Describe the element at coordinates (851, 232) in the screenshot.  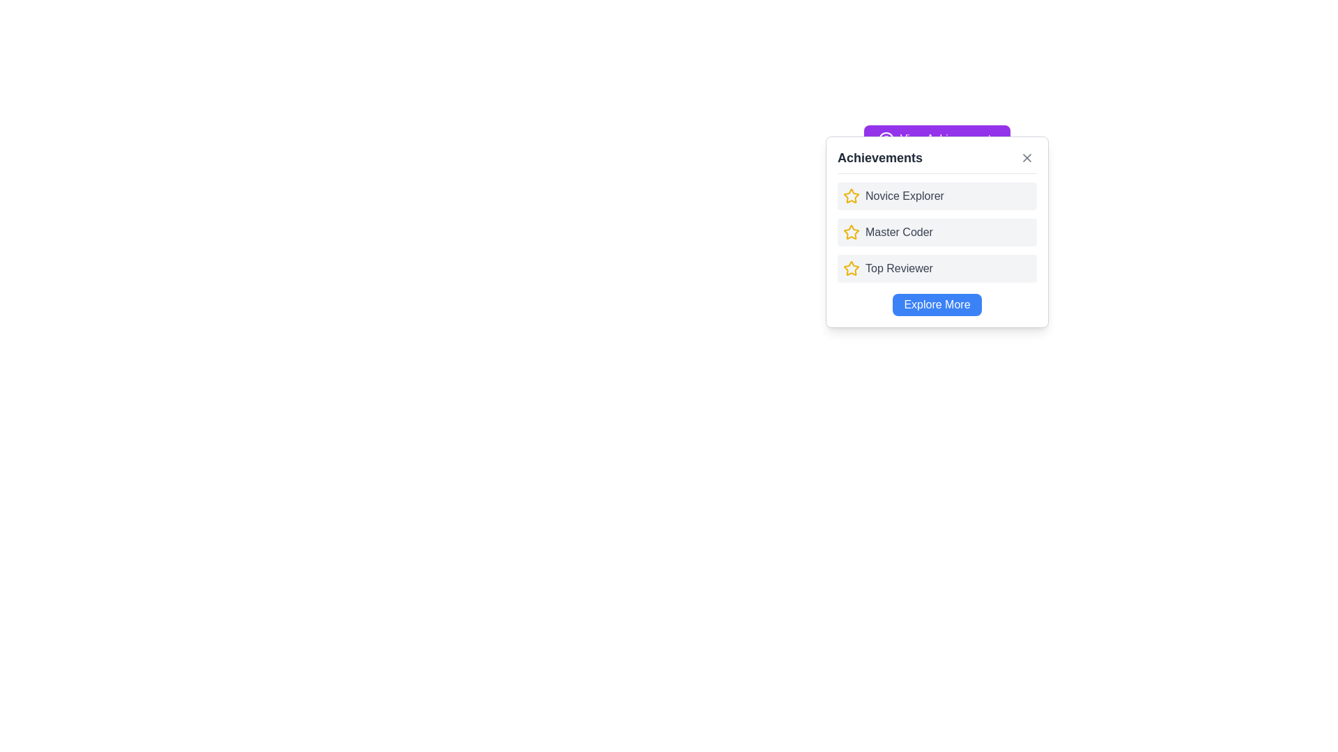
I see `the star icon representing the achievement 'Master Coder' within the achievements modal box` at that location.